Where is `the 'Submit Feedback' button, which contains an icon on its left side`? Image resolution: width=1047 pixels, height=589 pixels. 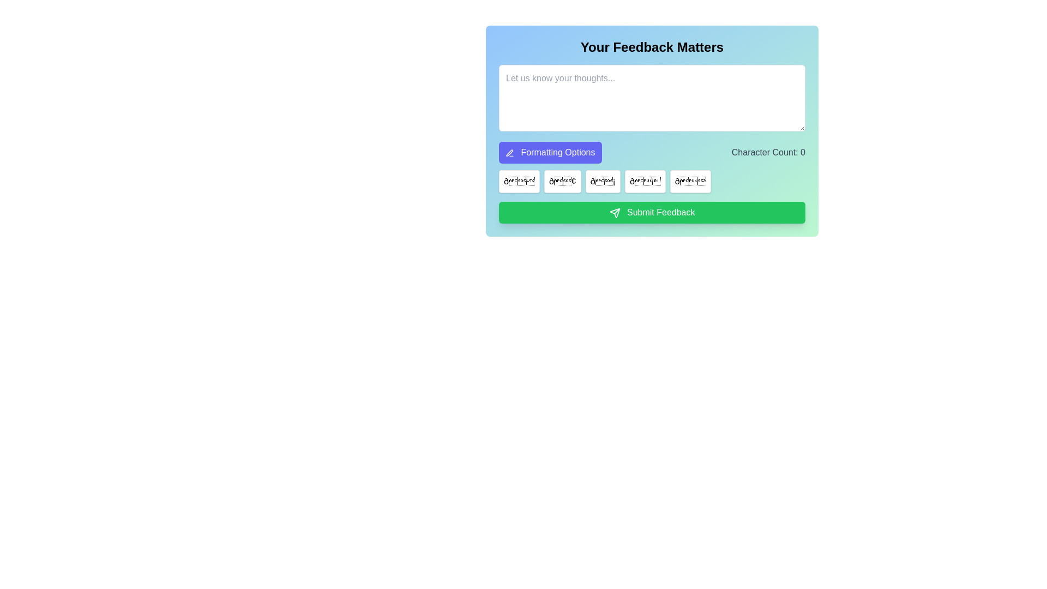 the 'Submit Feedback' button, which contains an icon on its left side is located at coordinates (615, 213).